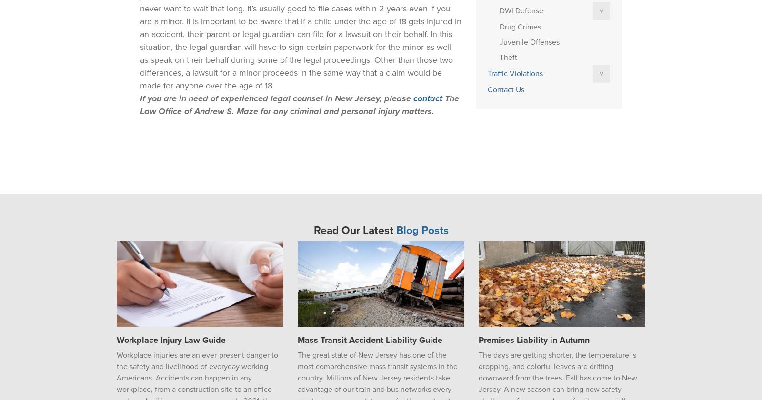 This screenshot has height=400, width=762. I want to click on 'Read Our Latest', so click(354, 231).